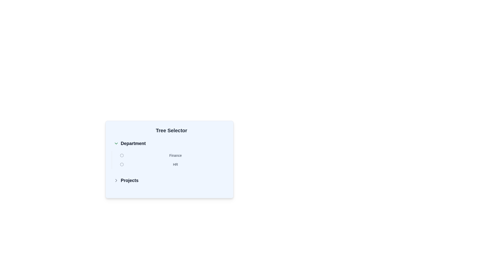 Image resolution: width=480 pixels, height=270 pixels. Describe the element at coordinates (122, 155) in the screenshot. I see `the unselected Checkbox located to the left of the 'Finance' label in the first list item of the 'Department' section in the 'Tree Selector' widget` at that location.